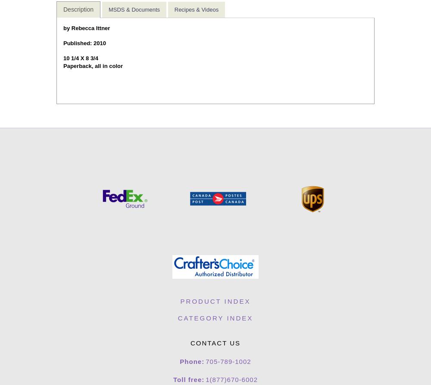 This screenshot has width=431, height=385. Describe the element at coordinates (81, 58) in the screenshot. I see `'10 1/4 X 8 3/4'` at that location.